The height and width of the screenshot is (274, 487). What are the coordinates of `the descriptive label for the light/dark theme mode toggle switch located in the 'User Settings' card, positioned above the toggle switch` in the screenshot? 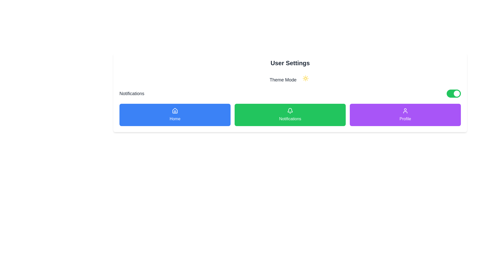 It's located at (290, 78).